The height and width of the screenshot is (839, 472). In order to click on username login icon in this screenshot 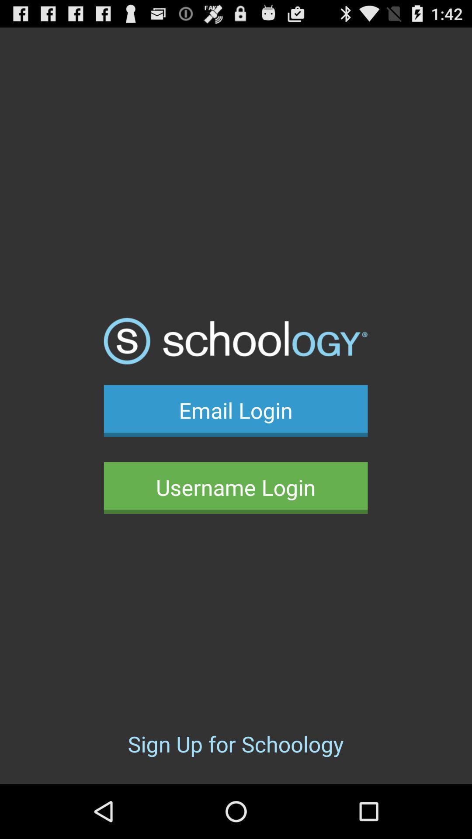, I will do `click(235, 487)`.